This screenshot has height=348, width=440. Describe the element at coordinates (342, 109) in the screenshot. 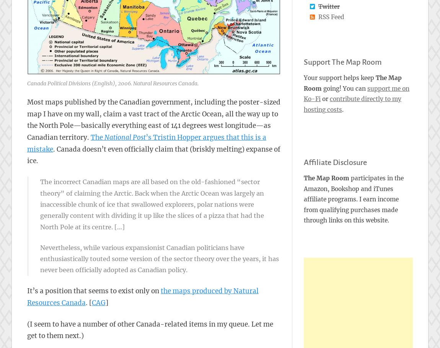

I see `'.'` at that location.